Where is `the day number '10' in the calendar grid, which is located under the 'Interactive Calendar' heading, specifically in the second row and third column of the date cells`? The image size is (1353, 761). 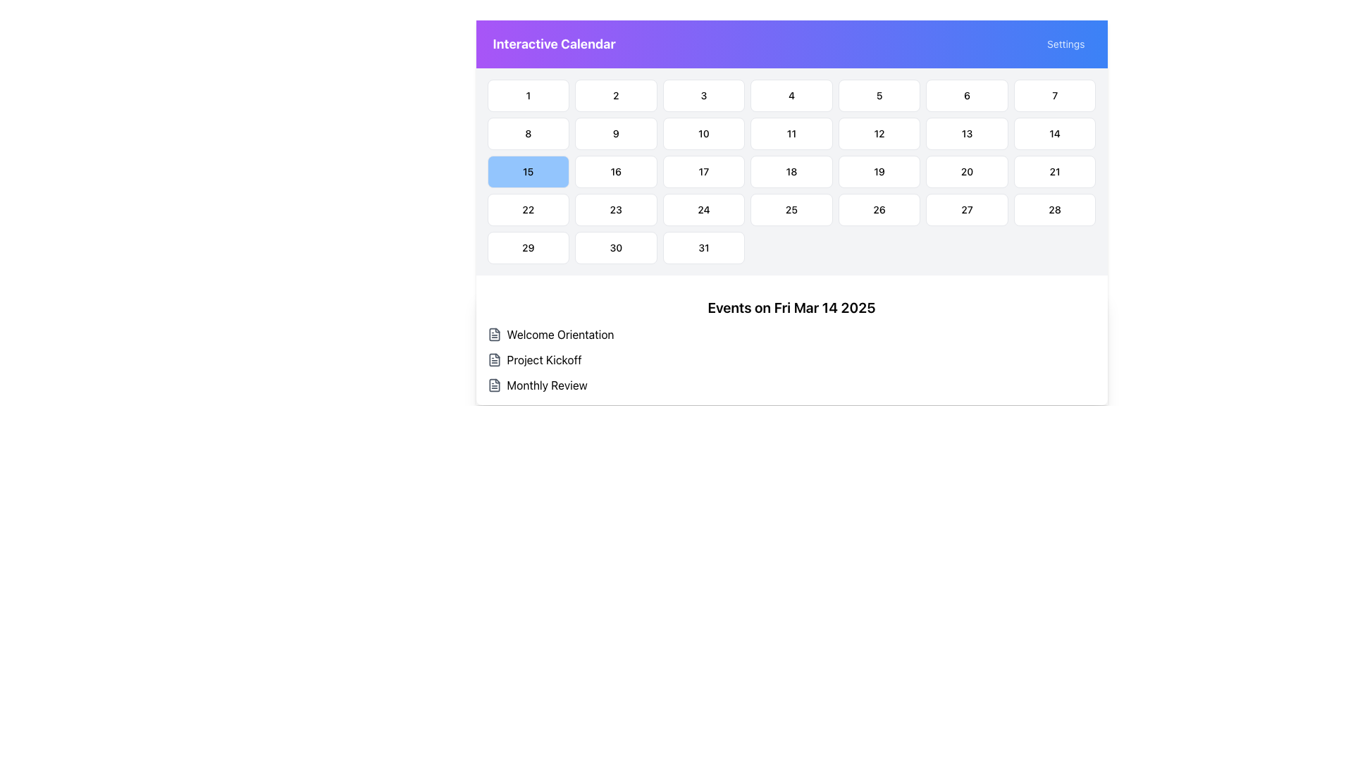
the day number '10' in the calendar grid, which is located under the 'Interactive Calendar' heading, specifically in the second row and third column of the date cells is located at coordinates (703, 133).